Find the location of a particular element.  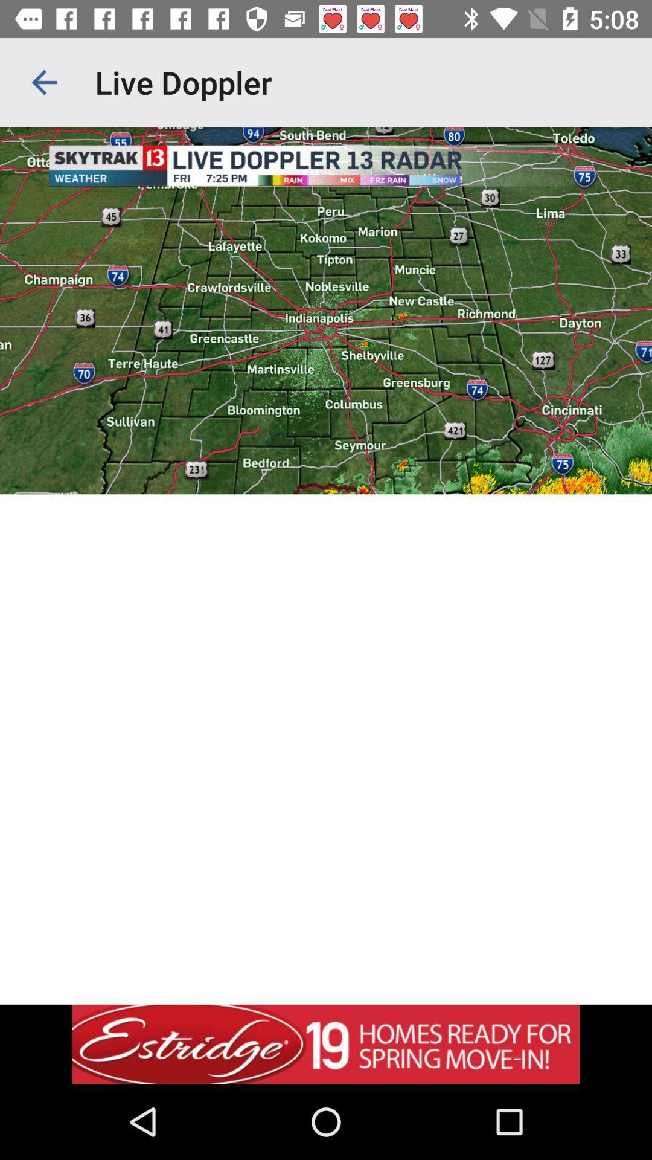

advertisement is located at coordinates (326, 1043).